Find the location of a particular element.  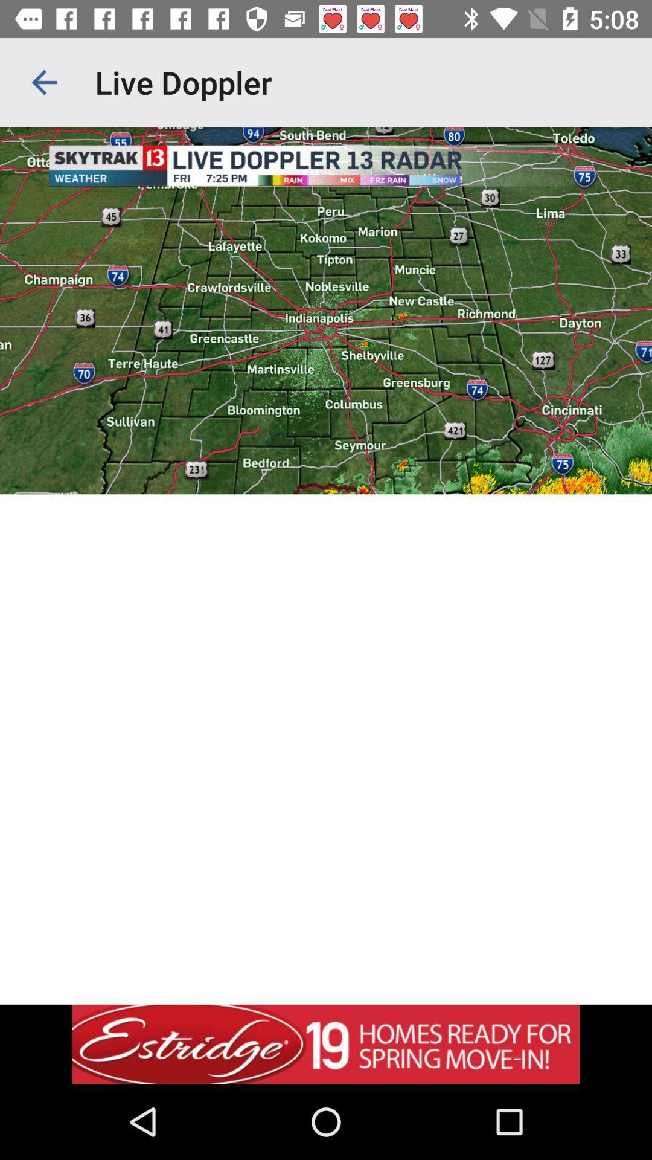

advertisement is located at coordinates (326, 1043).